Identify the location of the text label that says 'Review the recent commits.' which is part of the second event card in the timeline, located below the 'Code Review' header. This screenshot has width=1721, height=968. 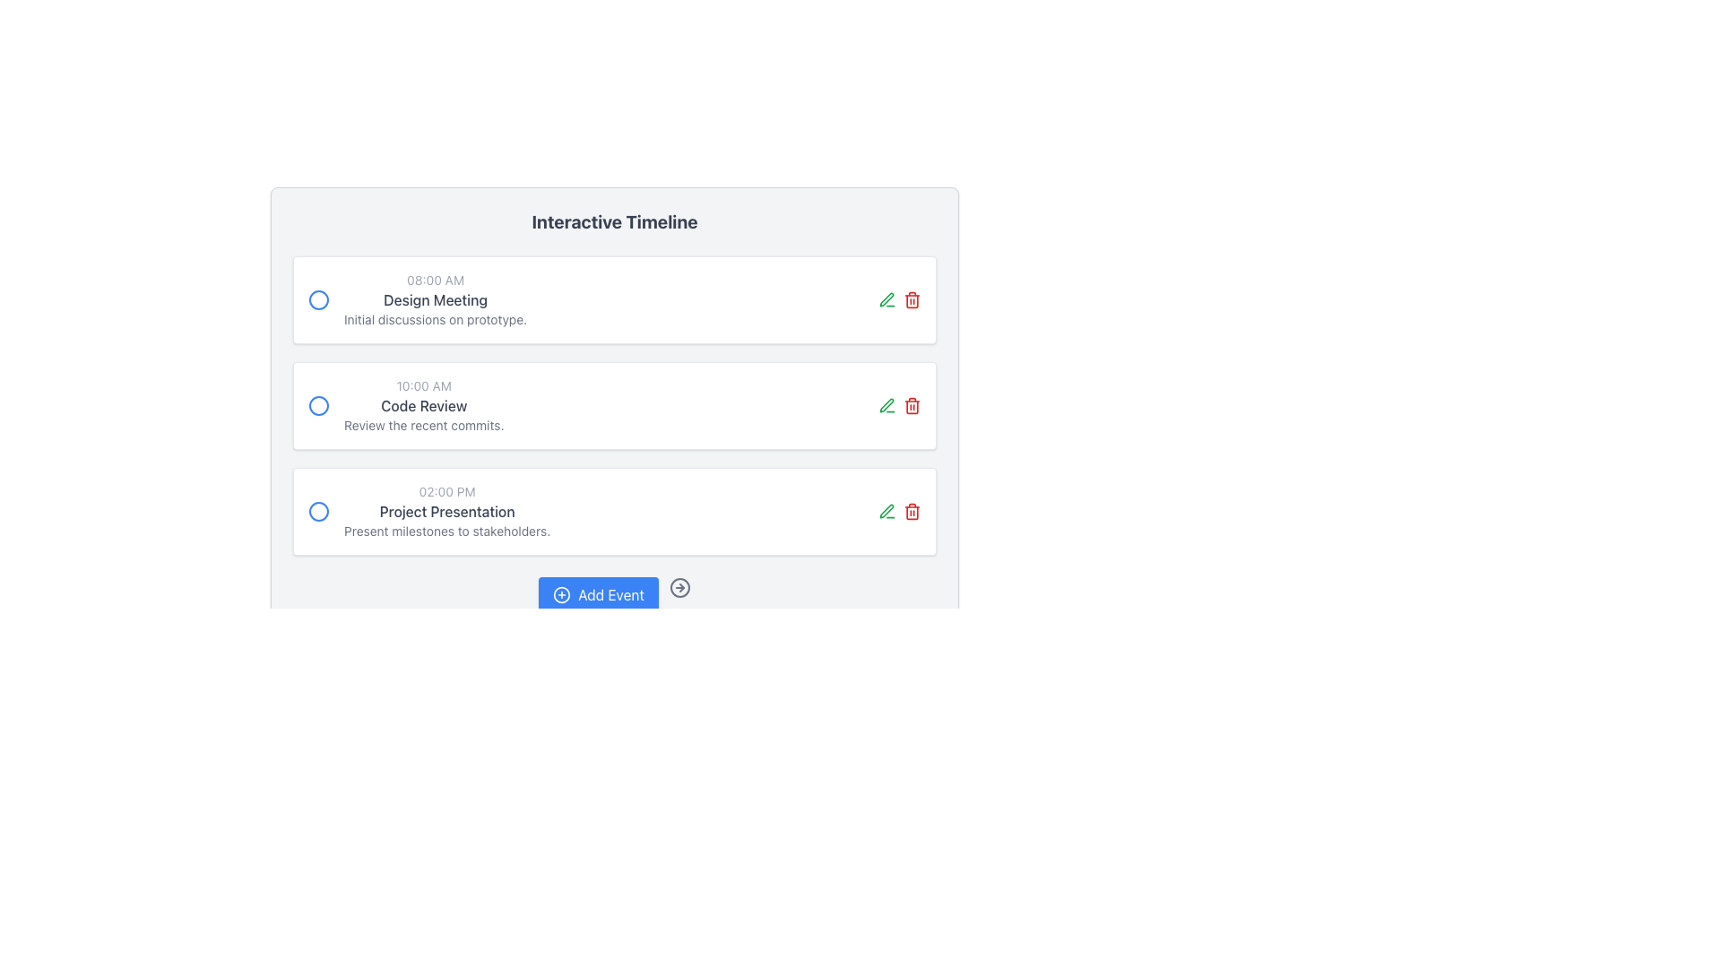
(423, 425).